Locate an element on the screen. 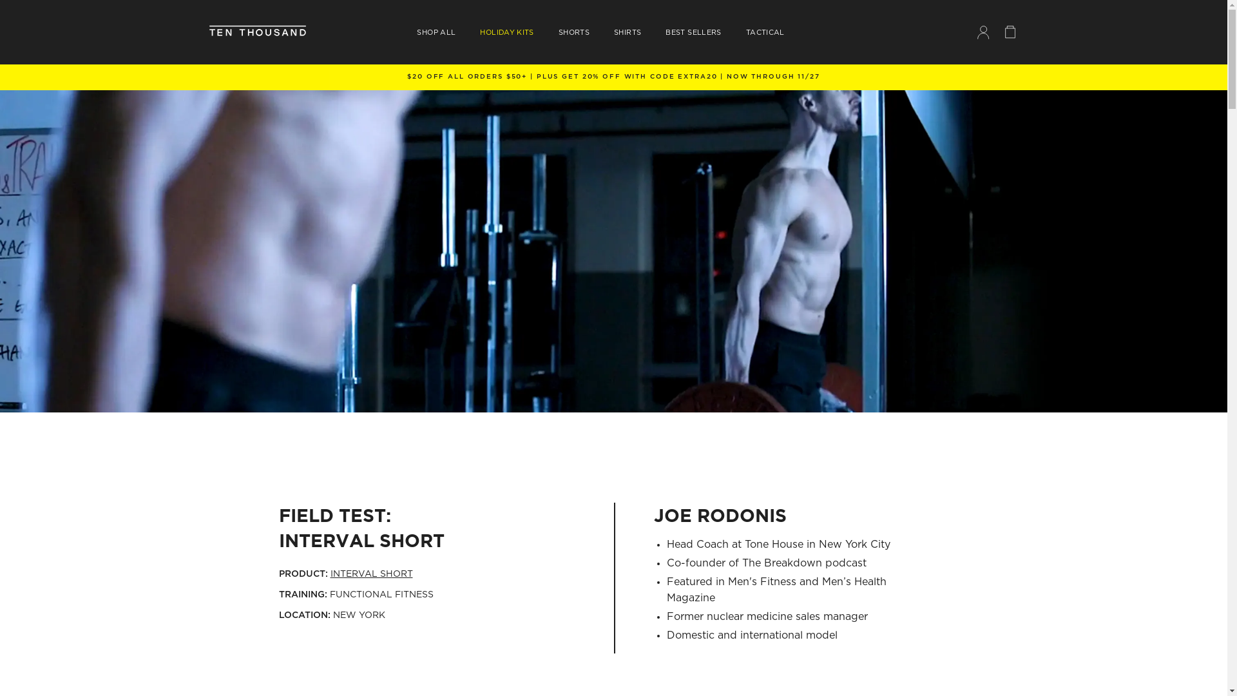  'SHOP ALL' is located at coordinates (436, 32).